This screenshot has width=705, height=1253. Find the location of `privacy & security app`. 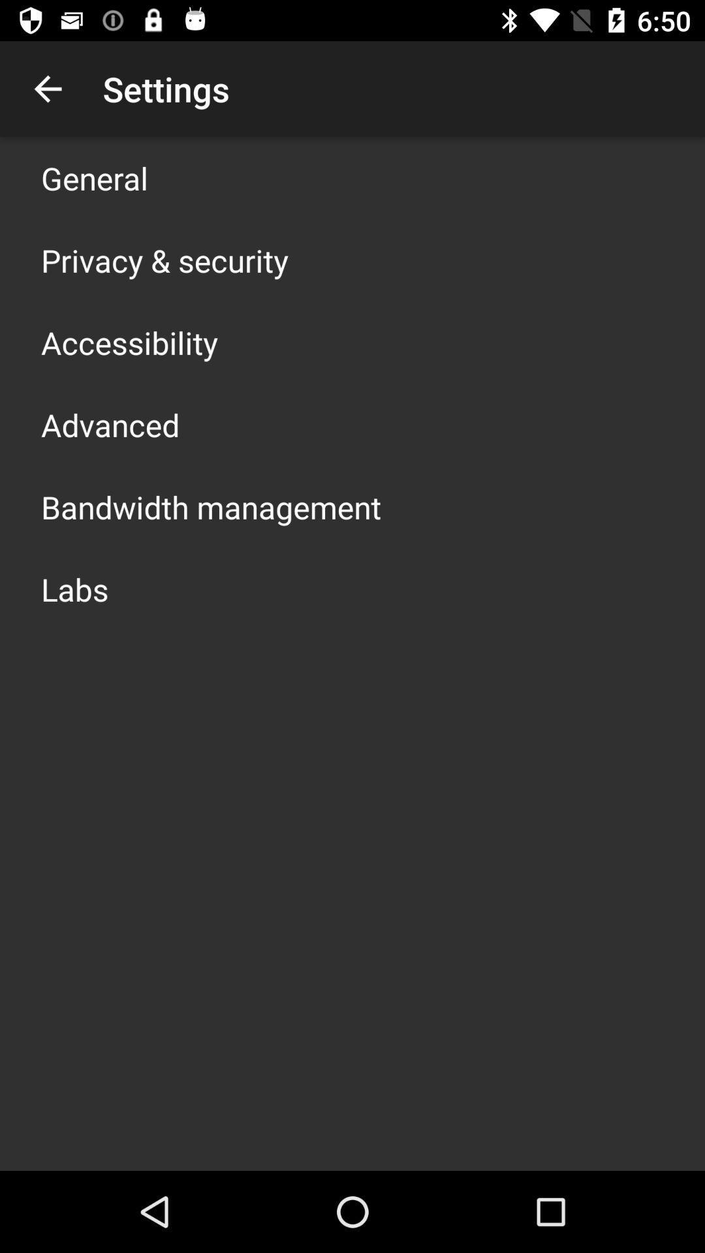

privacy & security app is located at coordinates (164, 260).